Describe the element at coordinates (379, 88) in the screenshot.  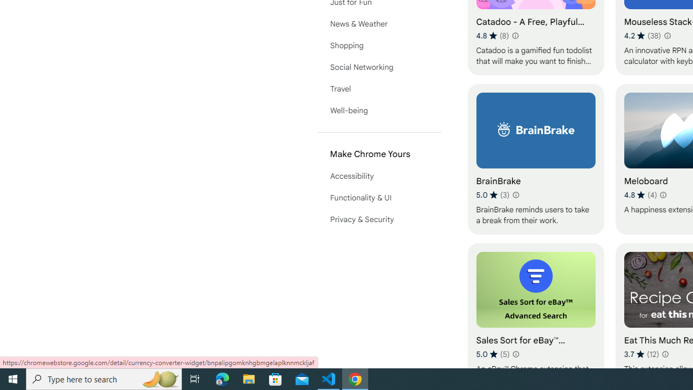
I see `'Travel'` at that location.